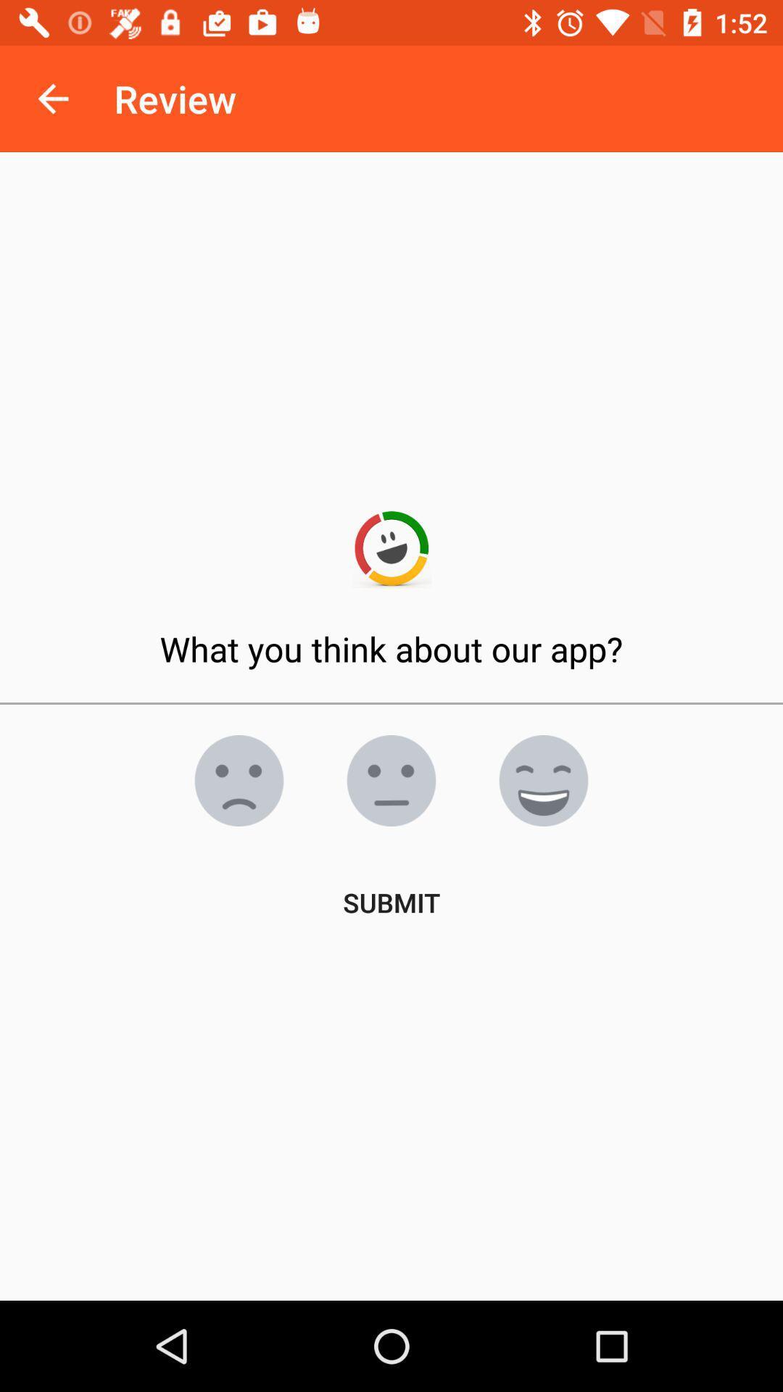 This screenshot has width=783, height=1392. Describe the element at coordinates (543, 779) in the screenshot. I see `the emoji icon` at that location.